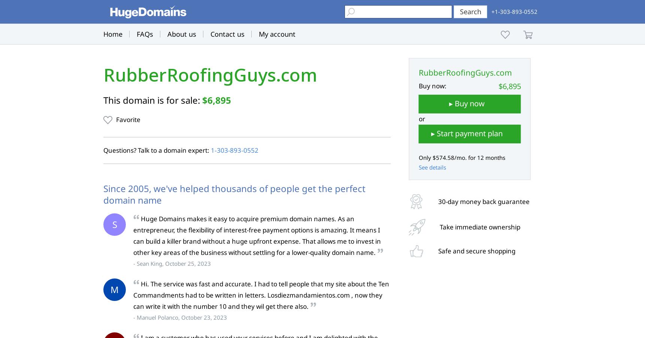 This screenshot has width=645, height=338. I want to click on '- Manuel Polanco, October 23, 2023', so click(179, 317).